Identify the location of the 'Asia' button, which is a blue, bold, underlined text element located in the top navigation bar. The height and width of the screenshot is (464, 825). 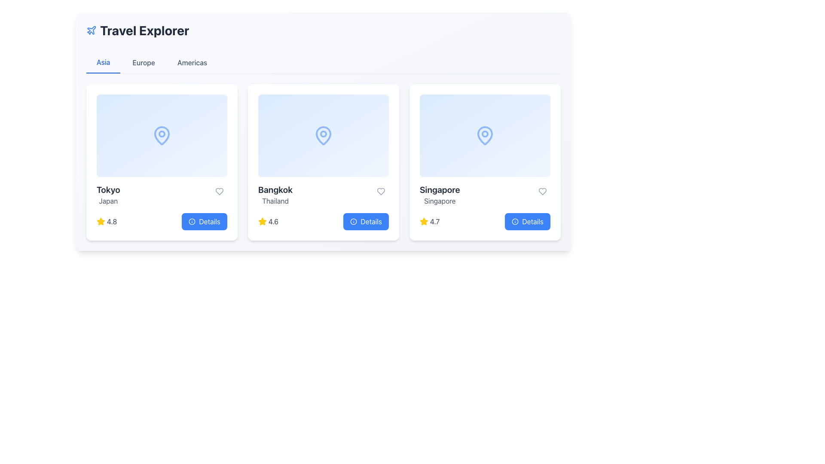
(103, 62).